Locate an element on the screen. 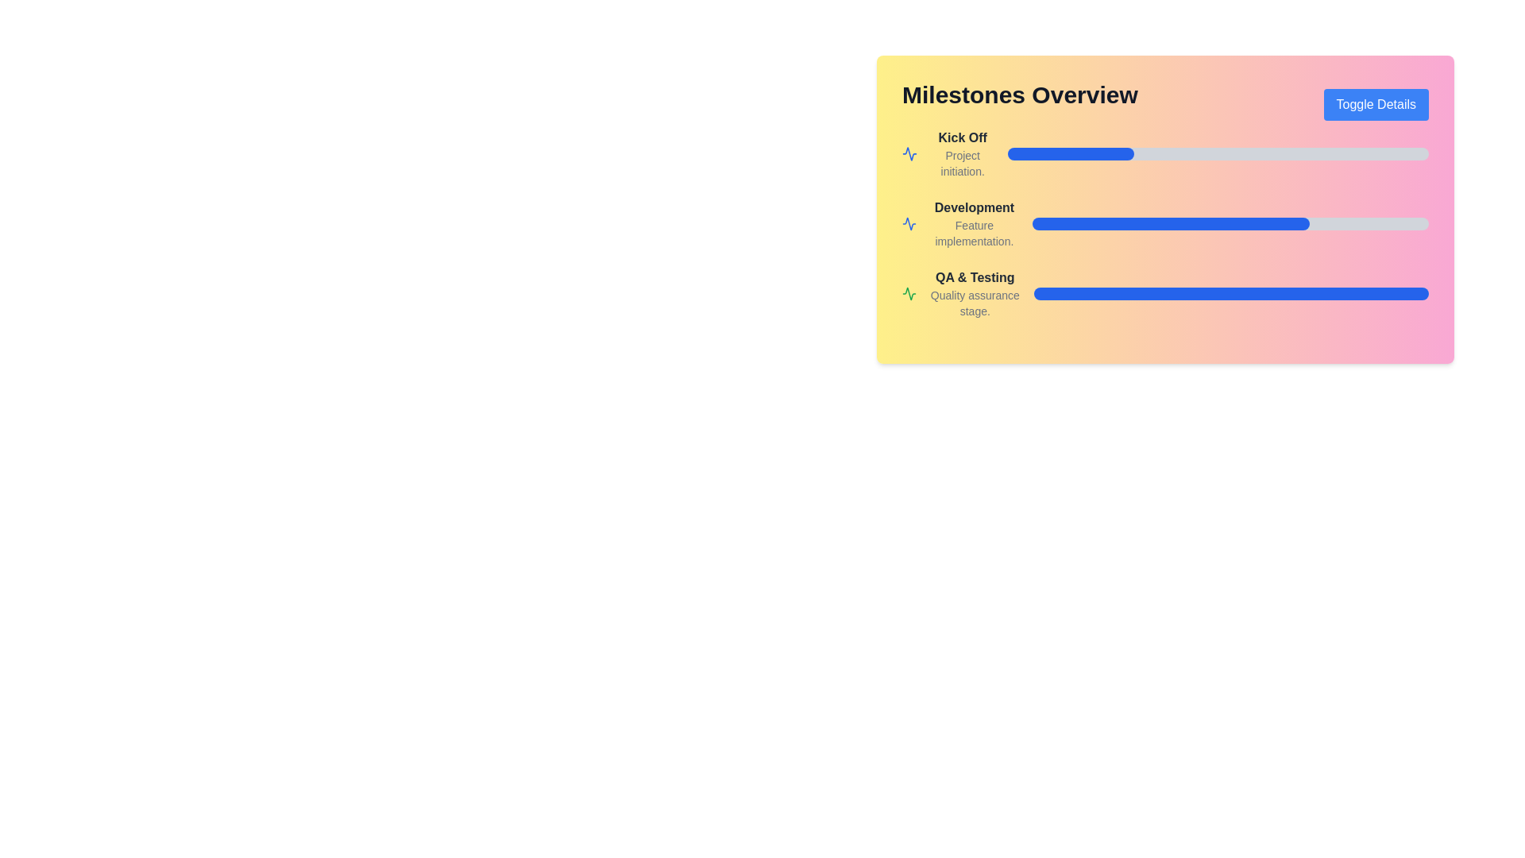 The image size is (1525, 858). the progress value of the third progress bar in the 'Milestones Overview' section, located below 'QA & Testing' and 'Quality assurance stage.' is located at coordinates (1230, 294).